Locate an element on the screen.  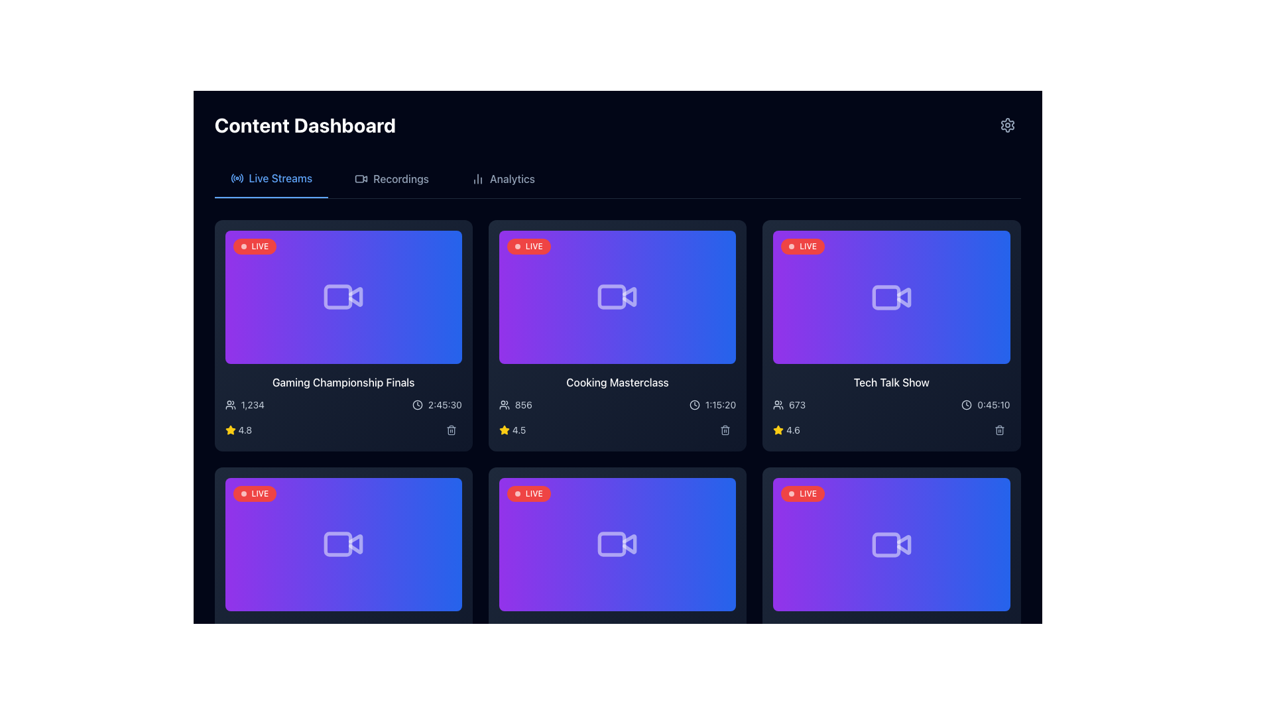
the text label displaying the rating '4.3' alongside the yellow star icon is located at coordinates (238, 678).